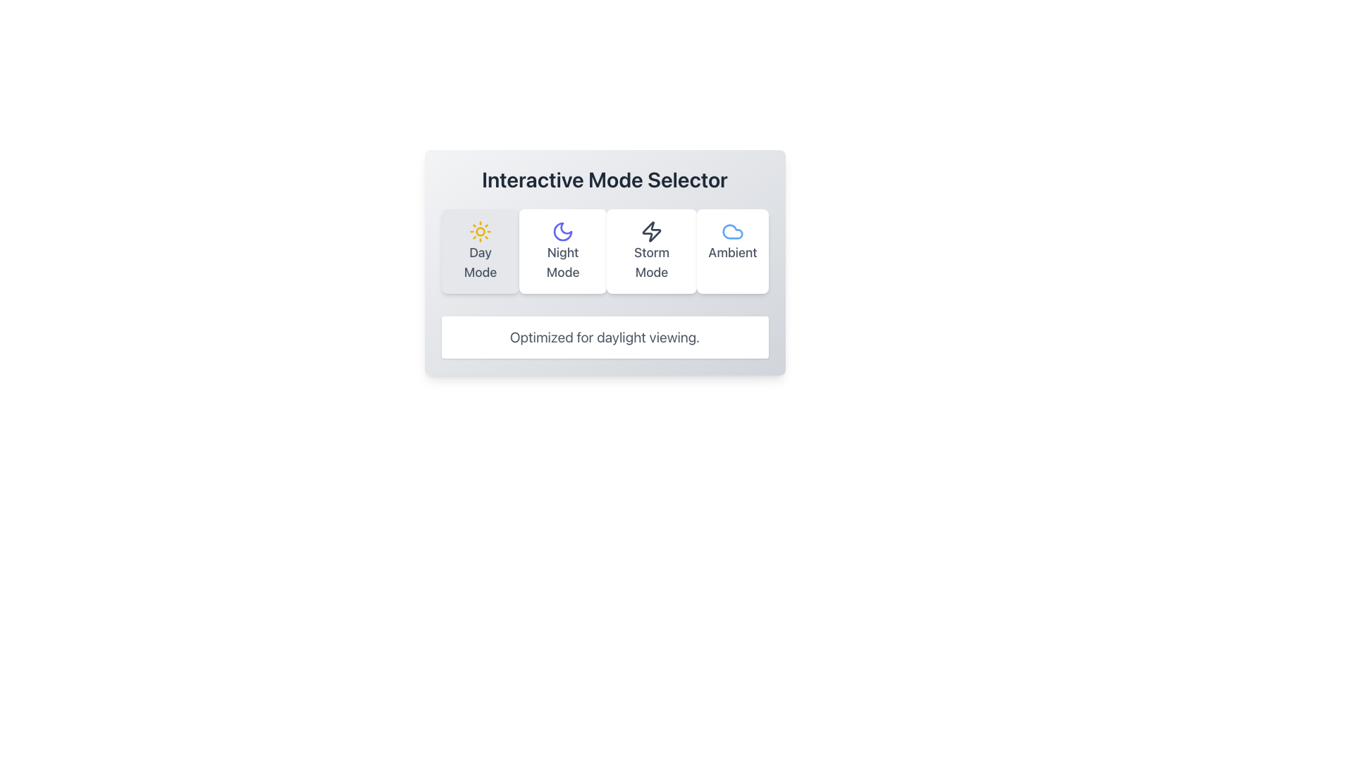  I want to click on the 'Storm Mode' button, which is the third button in the 'Interactive Mode Selector', so click(651, 251).